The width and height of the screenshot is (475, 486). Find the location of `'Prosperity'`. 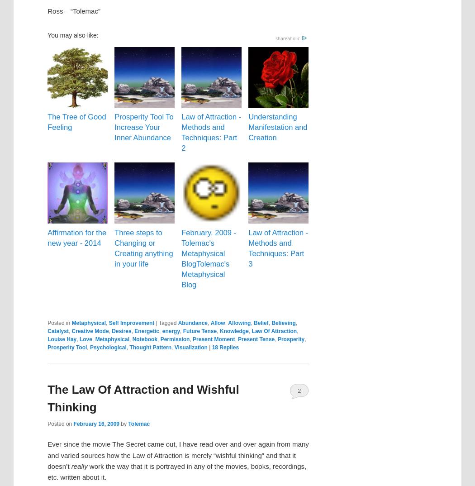

'Prosperity' is located at coordinates (290, 339).